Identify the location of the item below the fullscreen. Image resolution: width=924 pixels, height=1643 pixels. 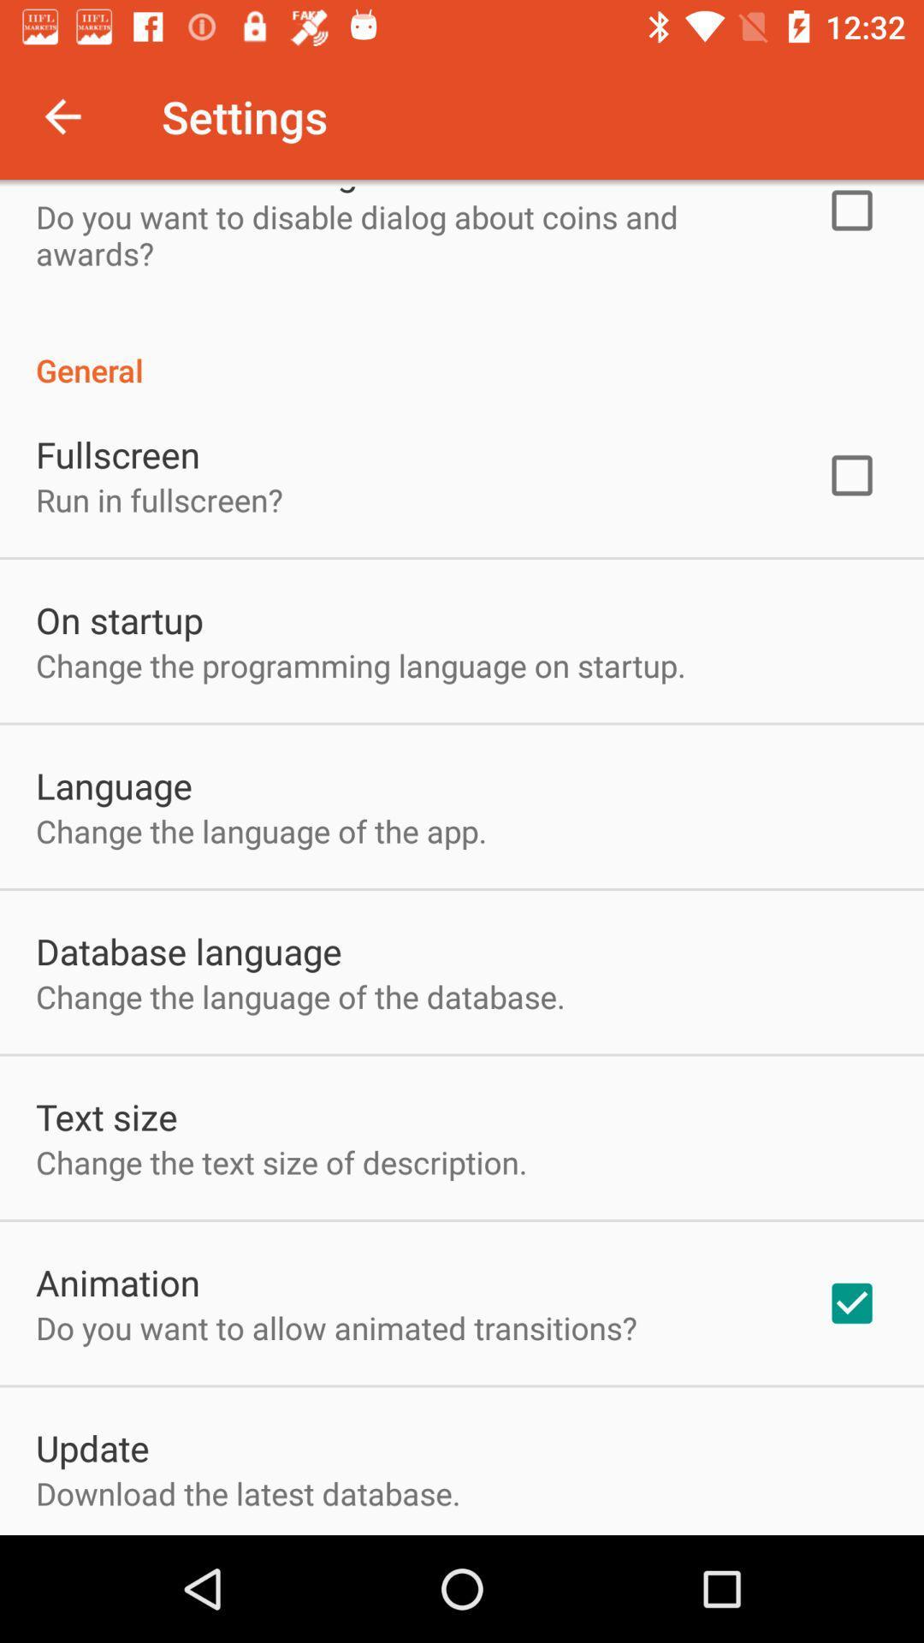
(159, 499).